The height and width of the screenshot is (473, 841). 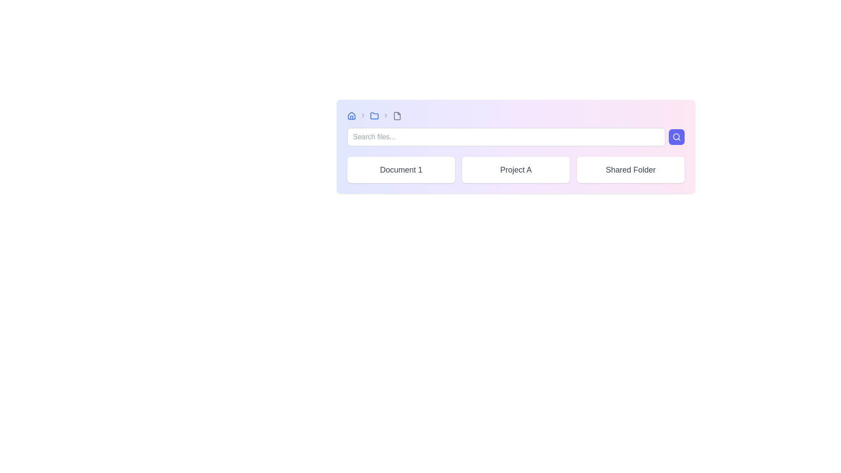 I want to click on the blue house icon located at the far left of the breadcrumb navigation bar, so click(x=351, y=115).